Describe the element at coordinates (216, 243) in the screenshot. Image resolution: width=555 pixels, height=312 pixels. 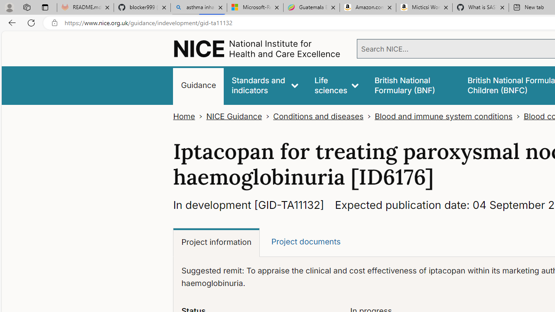
I see `'Project information'` at that location.